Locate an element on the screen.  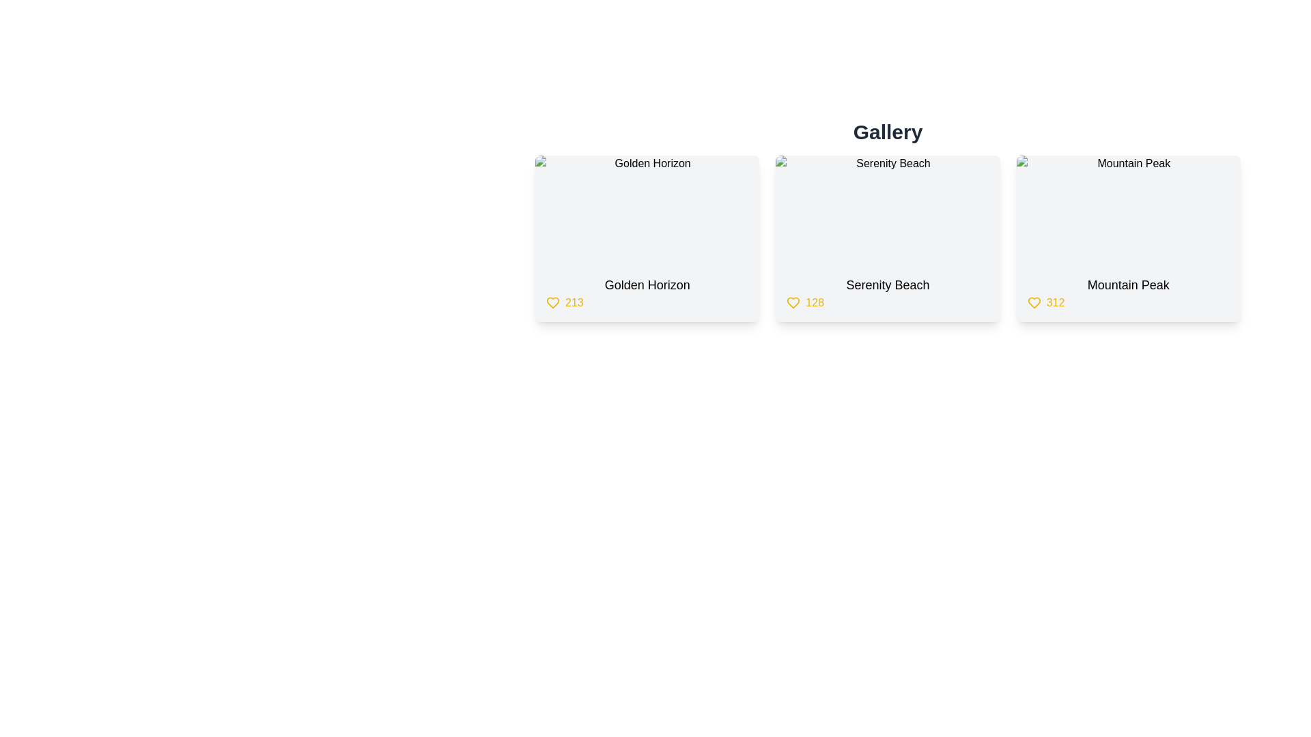
the 'like' icon located at the bottom-left corner of the first card in a horizontal grid of three cards is located at coordinates (553, 302).